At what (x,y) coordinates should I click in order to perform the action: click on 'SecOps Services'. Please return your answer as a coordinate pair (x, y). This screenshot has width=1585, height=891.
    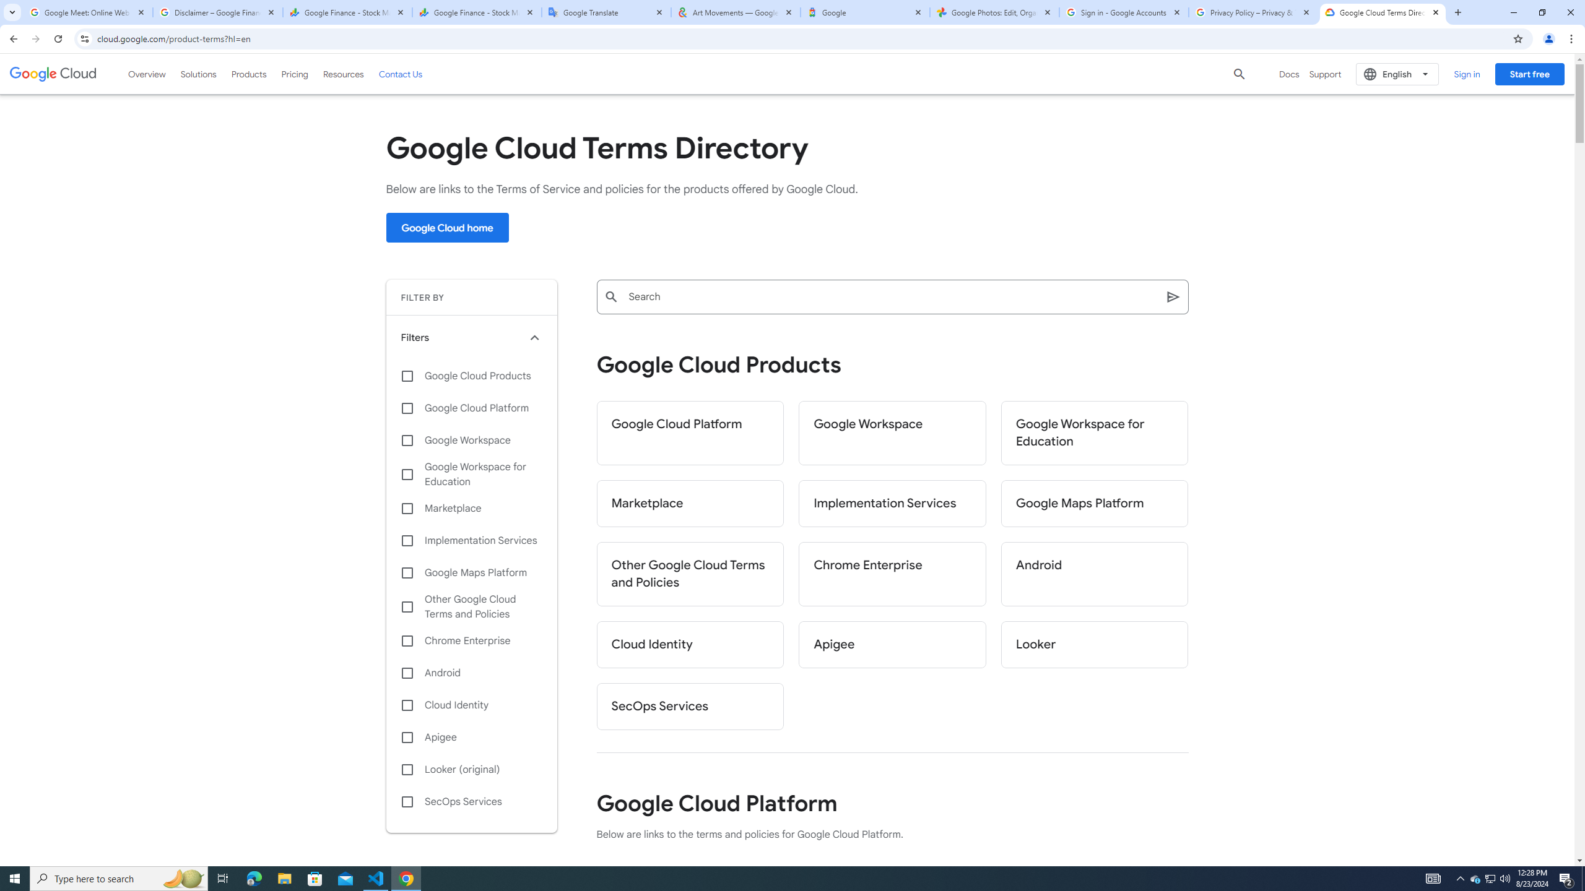
    Looking at the image, I should click on (471, 801).